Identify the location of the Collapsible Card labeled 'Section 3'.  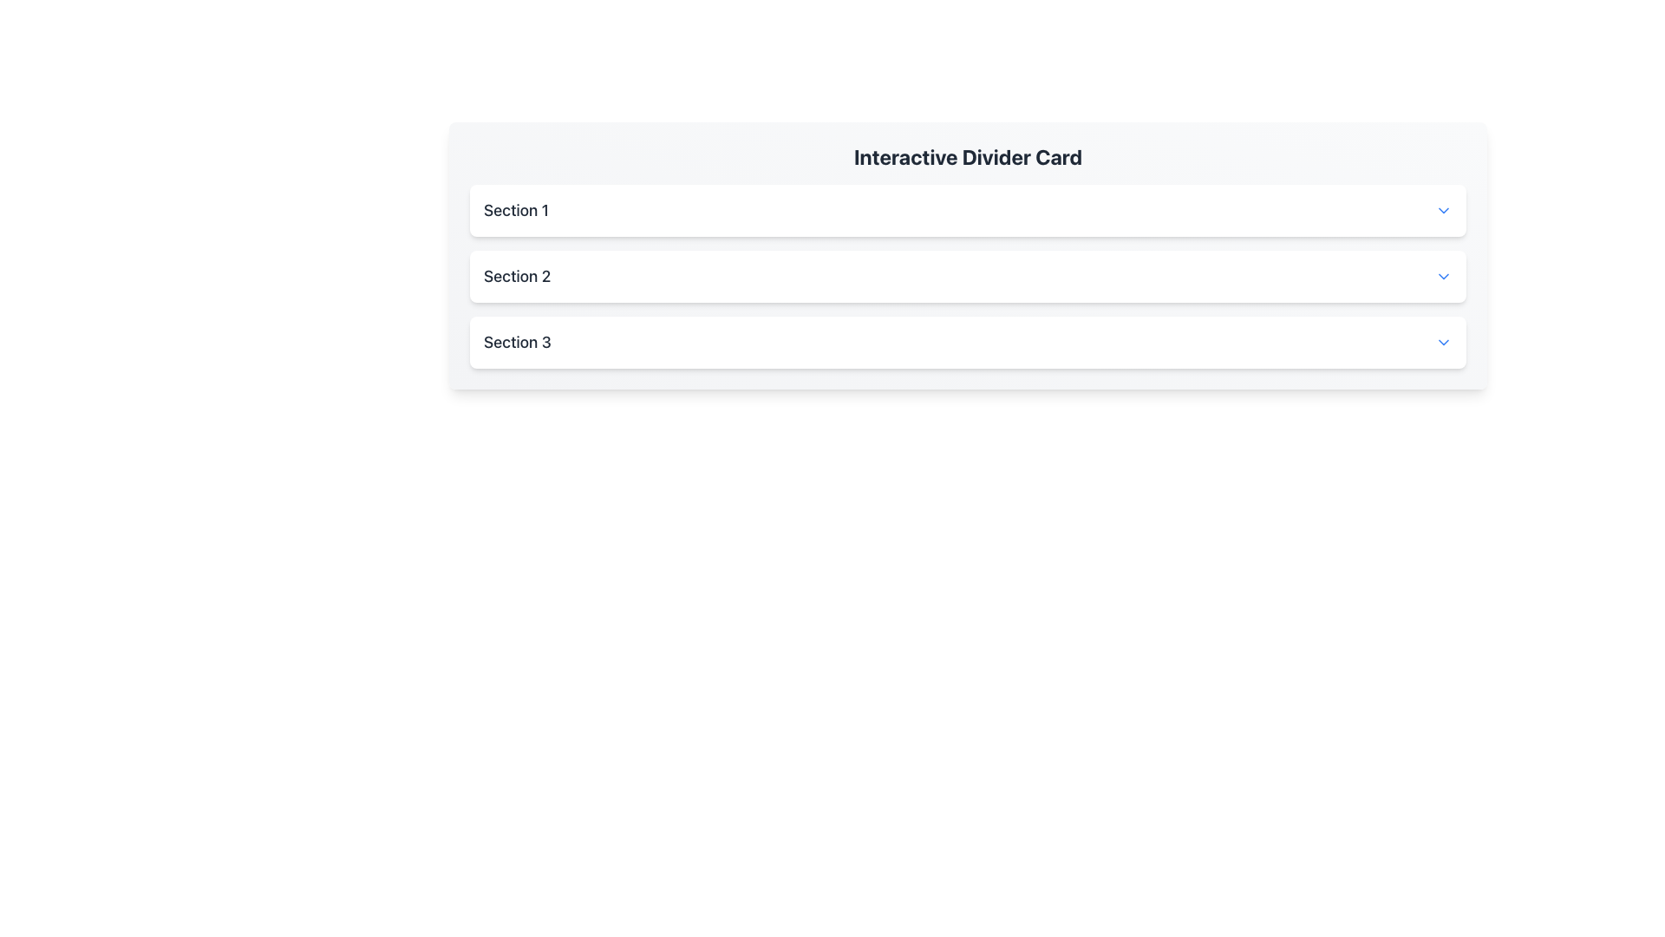
(967, 342).